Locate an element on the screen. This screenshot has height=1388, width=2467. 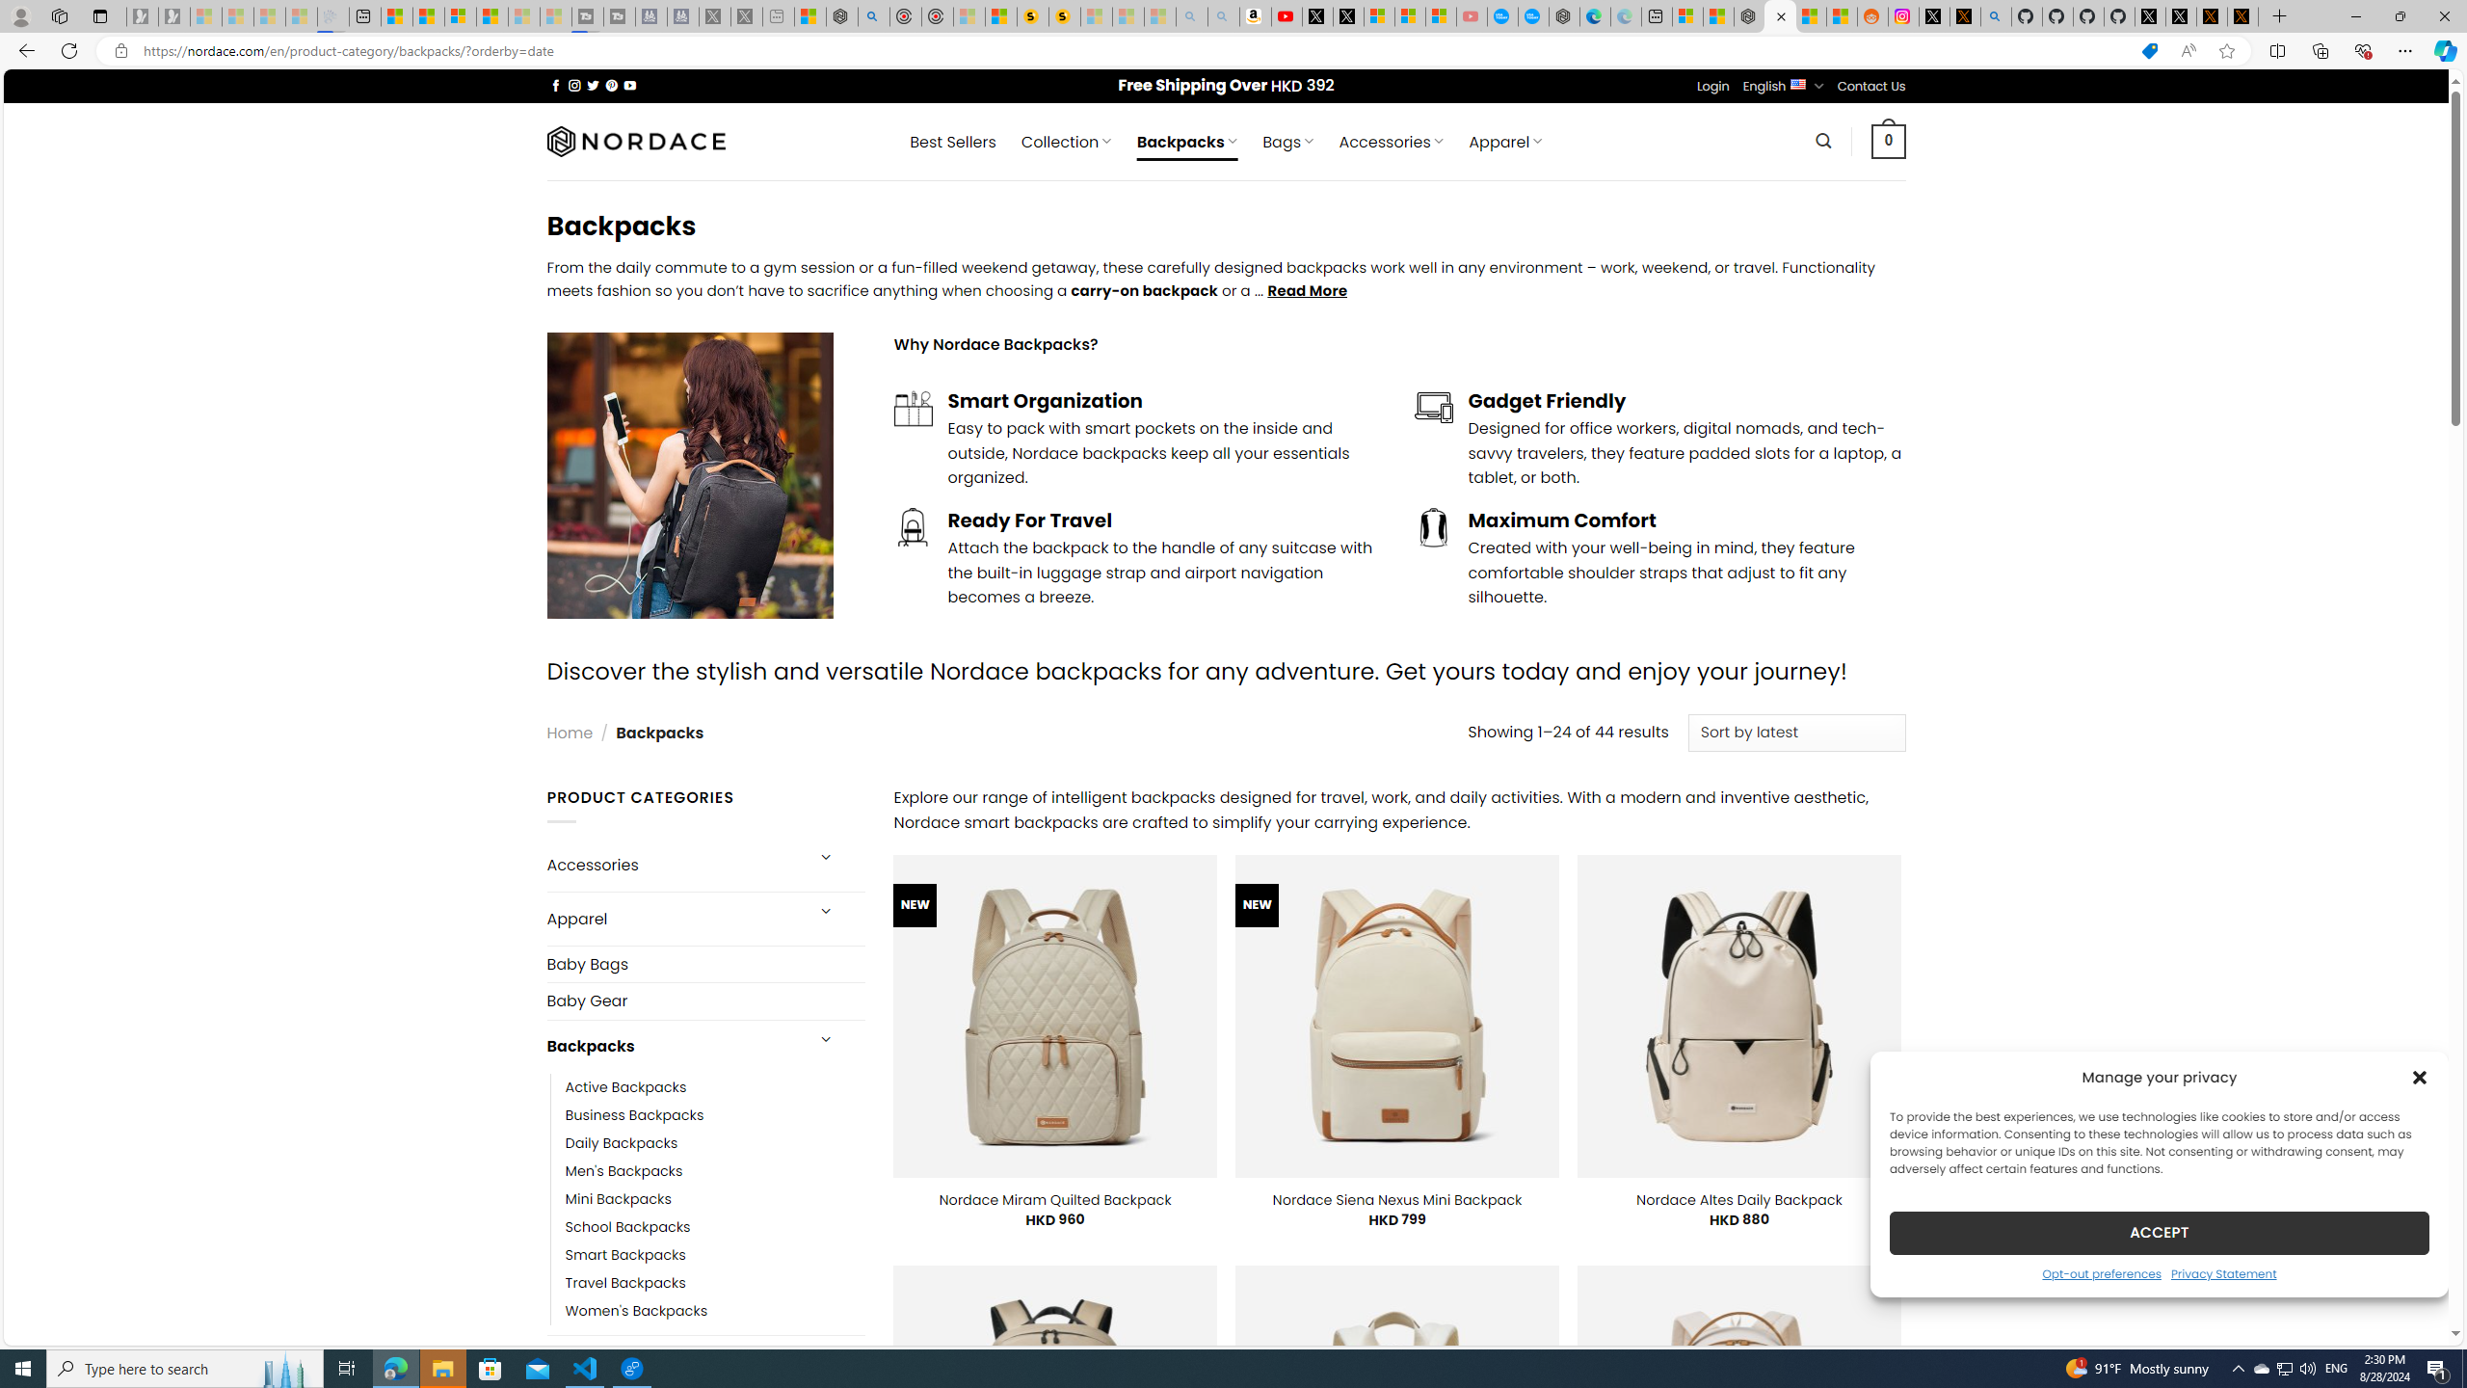
'ACCEPT' is located at coordinates (2160, 1232).